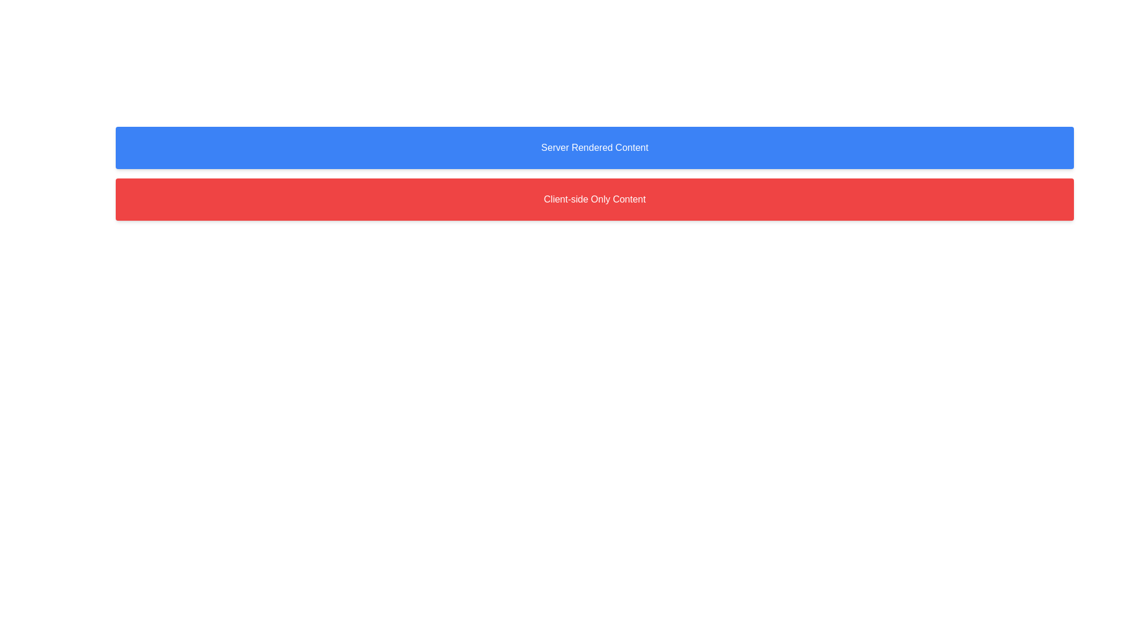 This screenshot has width=1128, height=634. Describe the element at coordinates (595, 147) in the screenshot. I see `the Static content box, which serves as a label or content display box informing users about server-rendered content, positioned above the red 'Client-side Only Content'` at that location.